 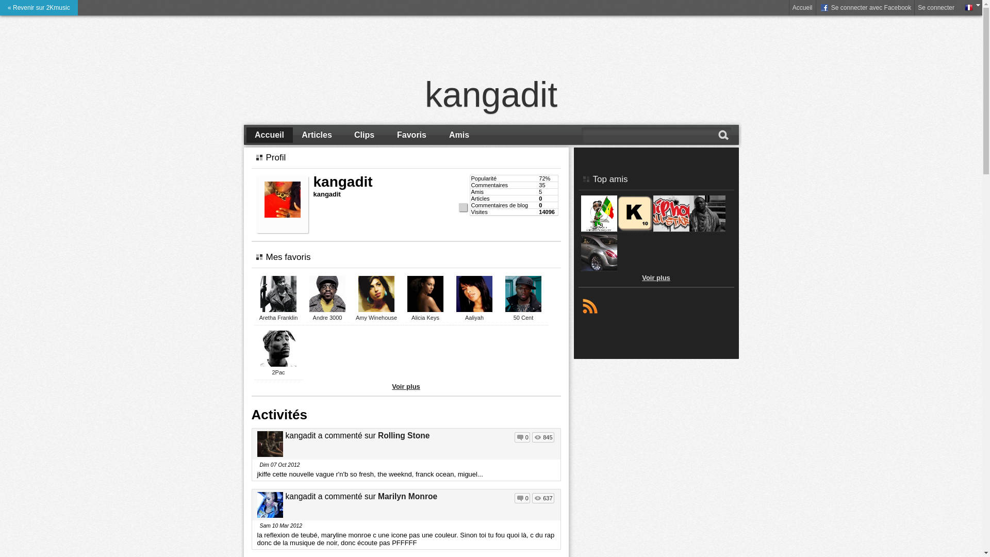 I want to click on 'Clips', so click(x=364, y=135).